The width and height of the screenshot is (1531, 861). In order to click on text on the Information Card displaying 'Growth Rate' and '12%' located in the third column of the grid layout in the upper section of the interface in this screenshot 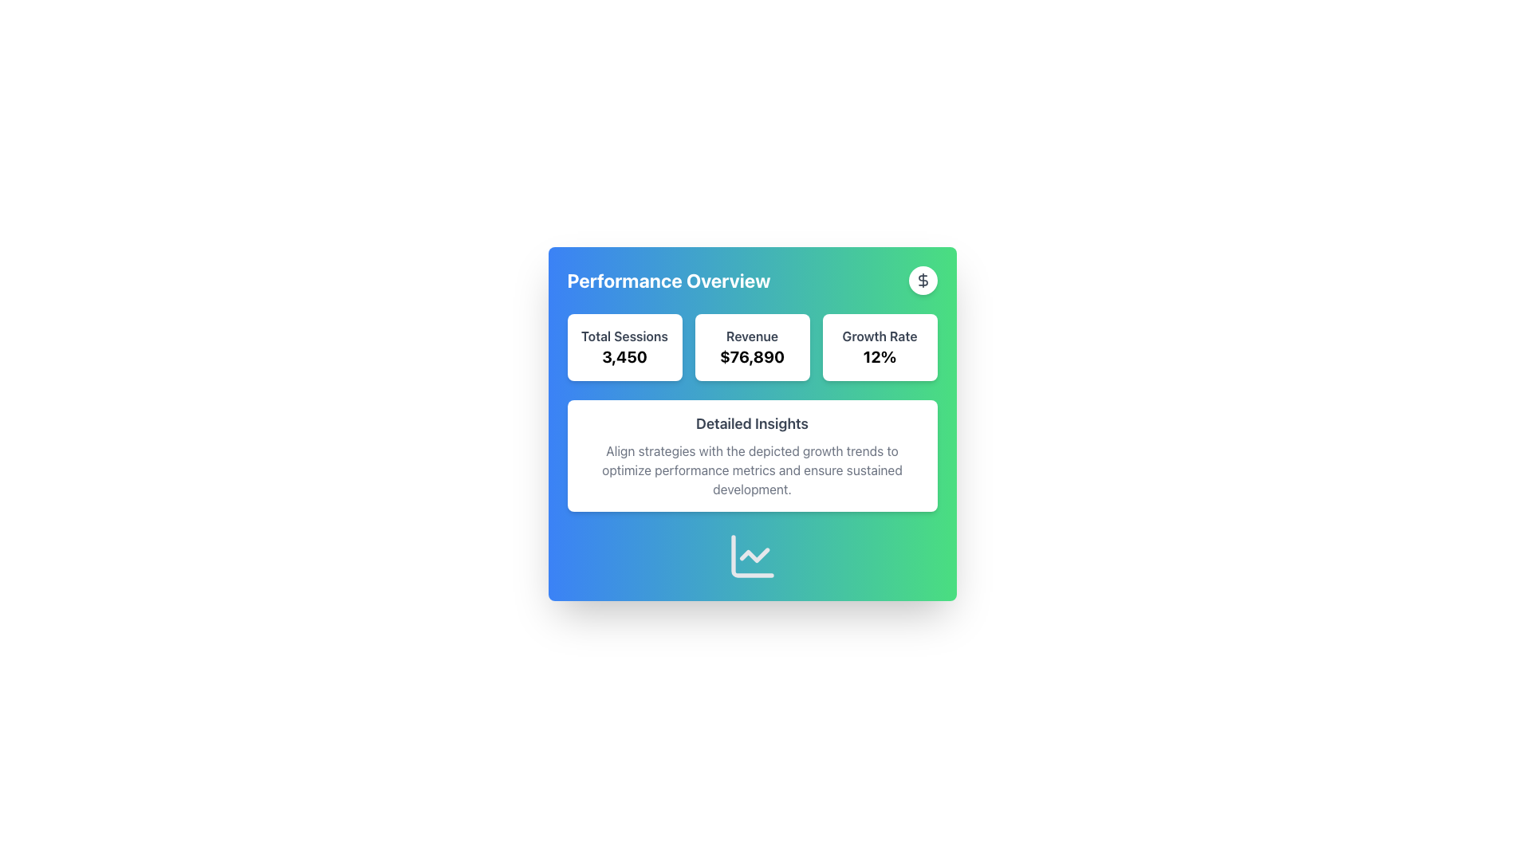, I will do `click(879, 346)`.